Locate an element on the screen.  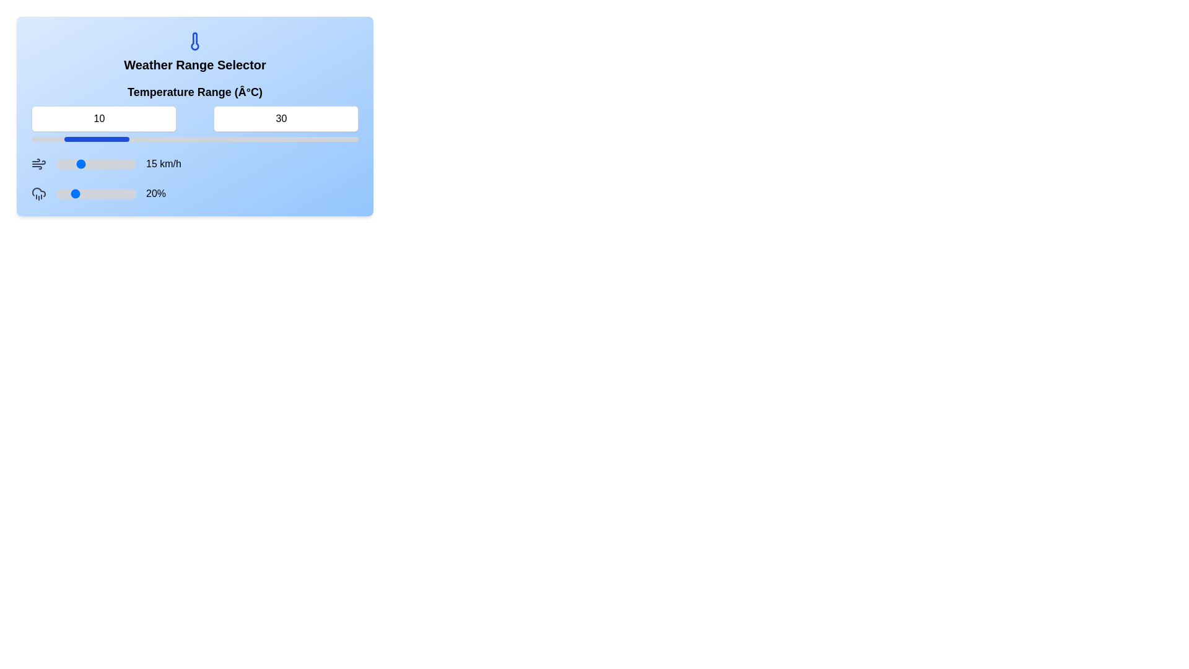
the slider is located at coordinates (68, 193).